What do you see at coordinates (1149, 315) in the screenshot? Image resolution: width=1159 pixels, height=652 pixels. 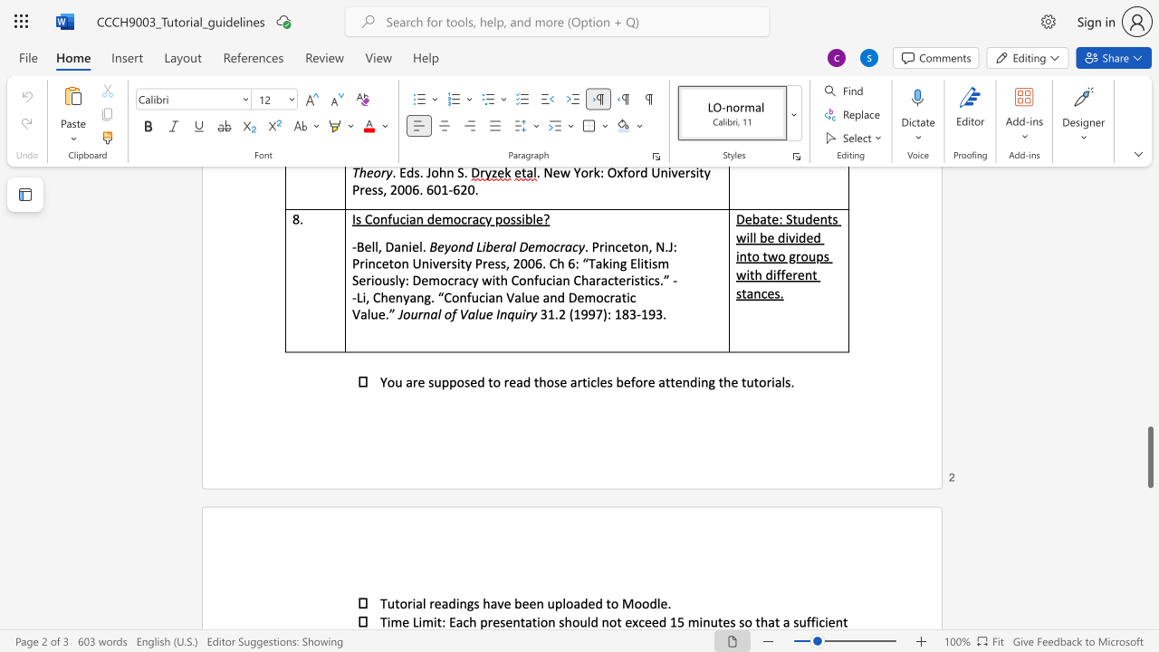 I see `the scrollbar to move the view up` at bounding box center [1149, 315].